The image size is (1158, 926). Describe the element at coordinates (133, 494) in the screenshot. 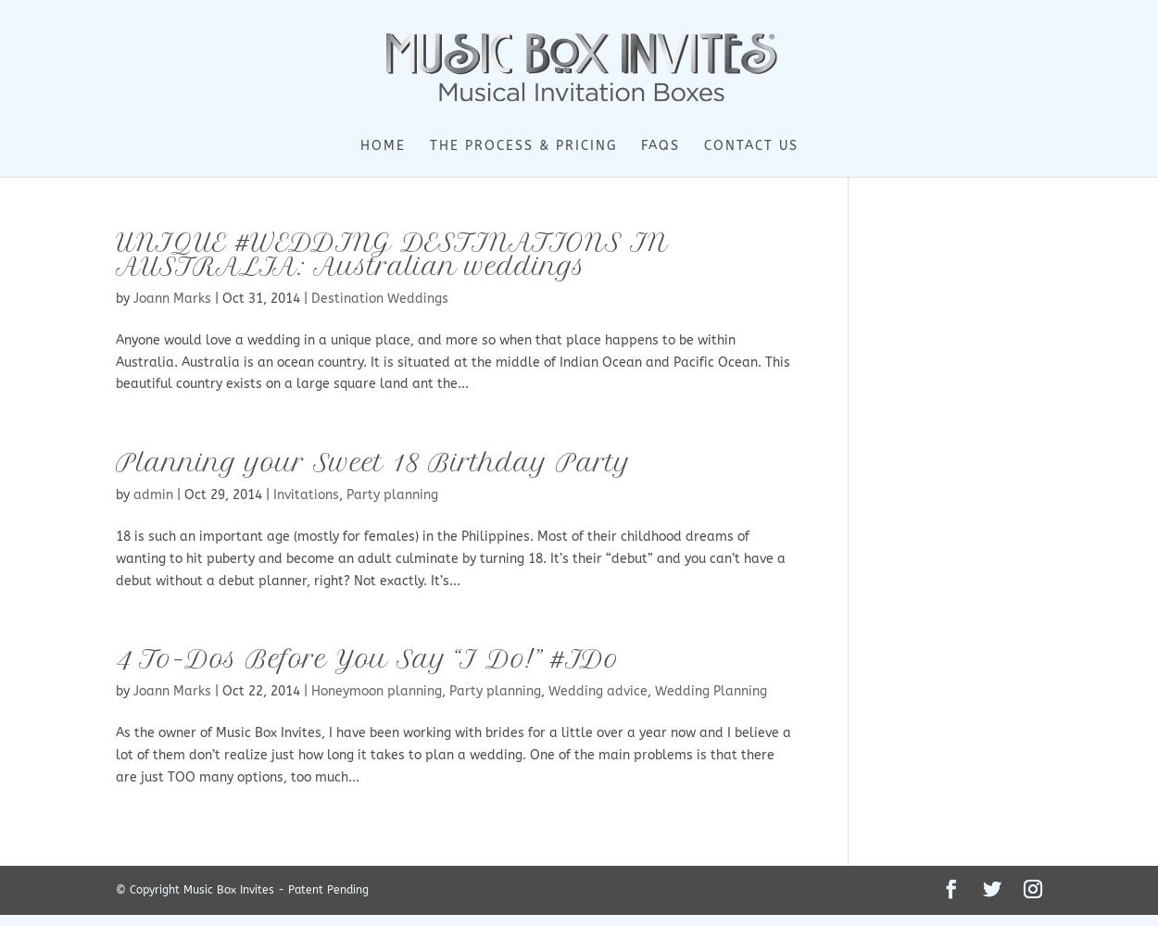

I see `'admin'` at that location.